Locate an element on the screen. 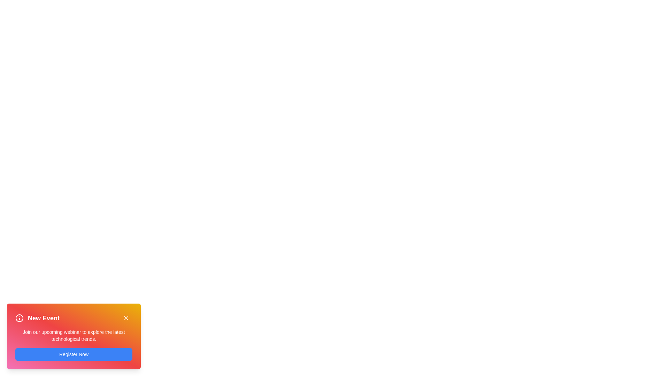 Image resolution: width=669 pixels, height=376 pixels. the 'Register Now' button to register for the event is located at coordinates (74, 354).